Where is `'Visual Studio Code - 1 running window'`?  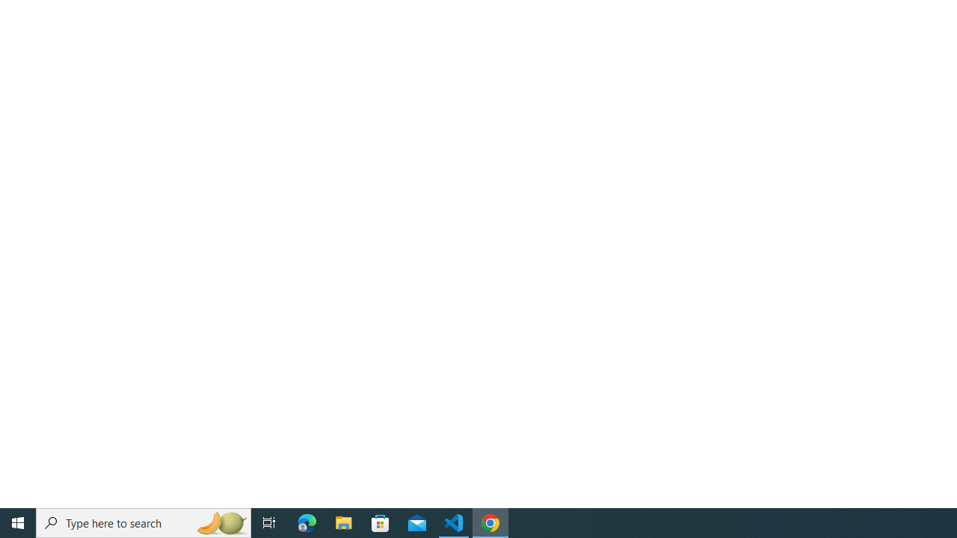
'Visual Studio Code - 1 running window' is located at coordinates (453, 522).